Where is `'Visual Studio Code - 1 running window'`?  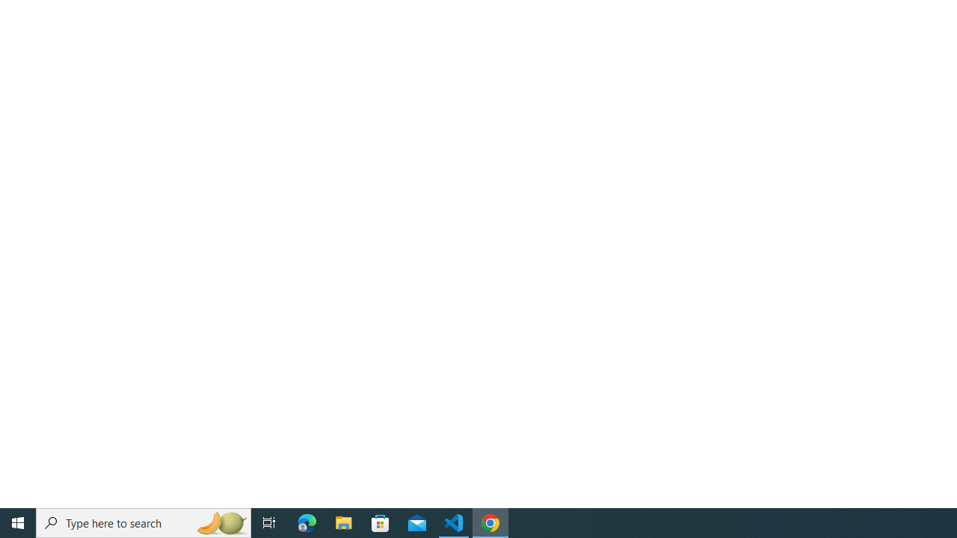
'Visual Studio Code - 1 running window' is located at coordinates (453, 522).